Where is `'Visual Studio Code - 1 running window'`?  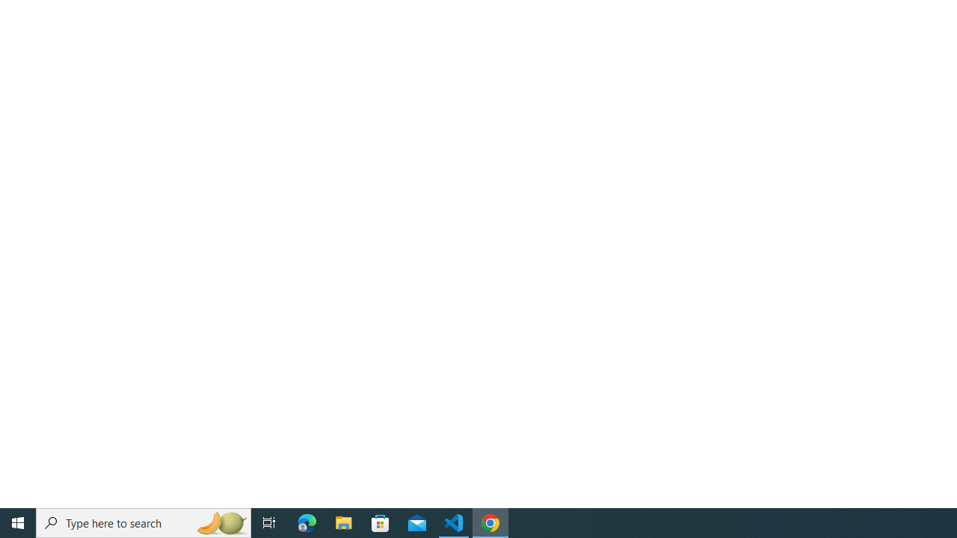
'Visual Studio Code - 1 running window' is located at coordinates (453, 522).